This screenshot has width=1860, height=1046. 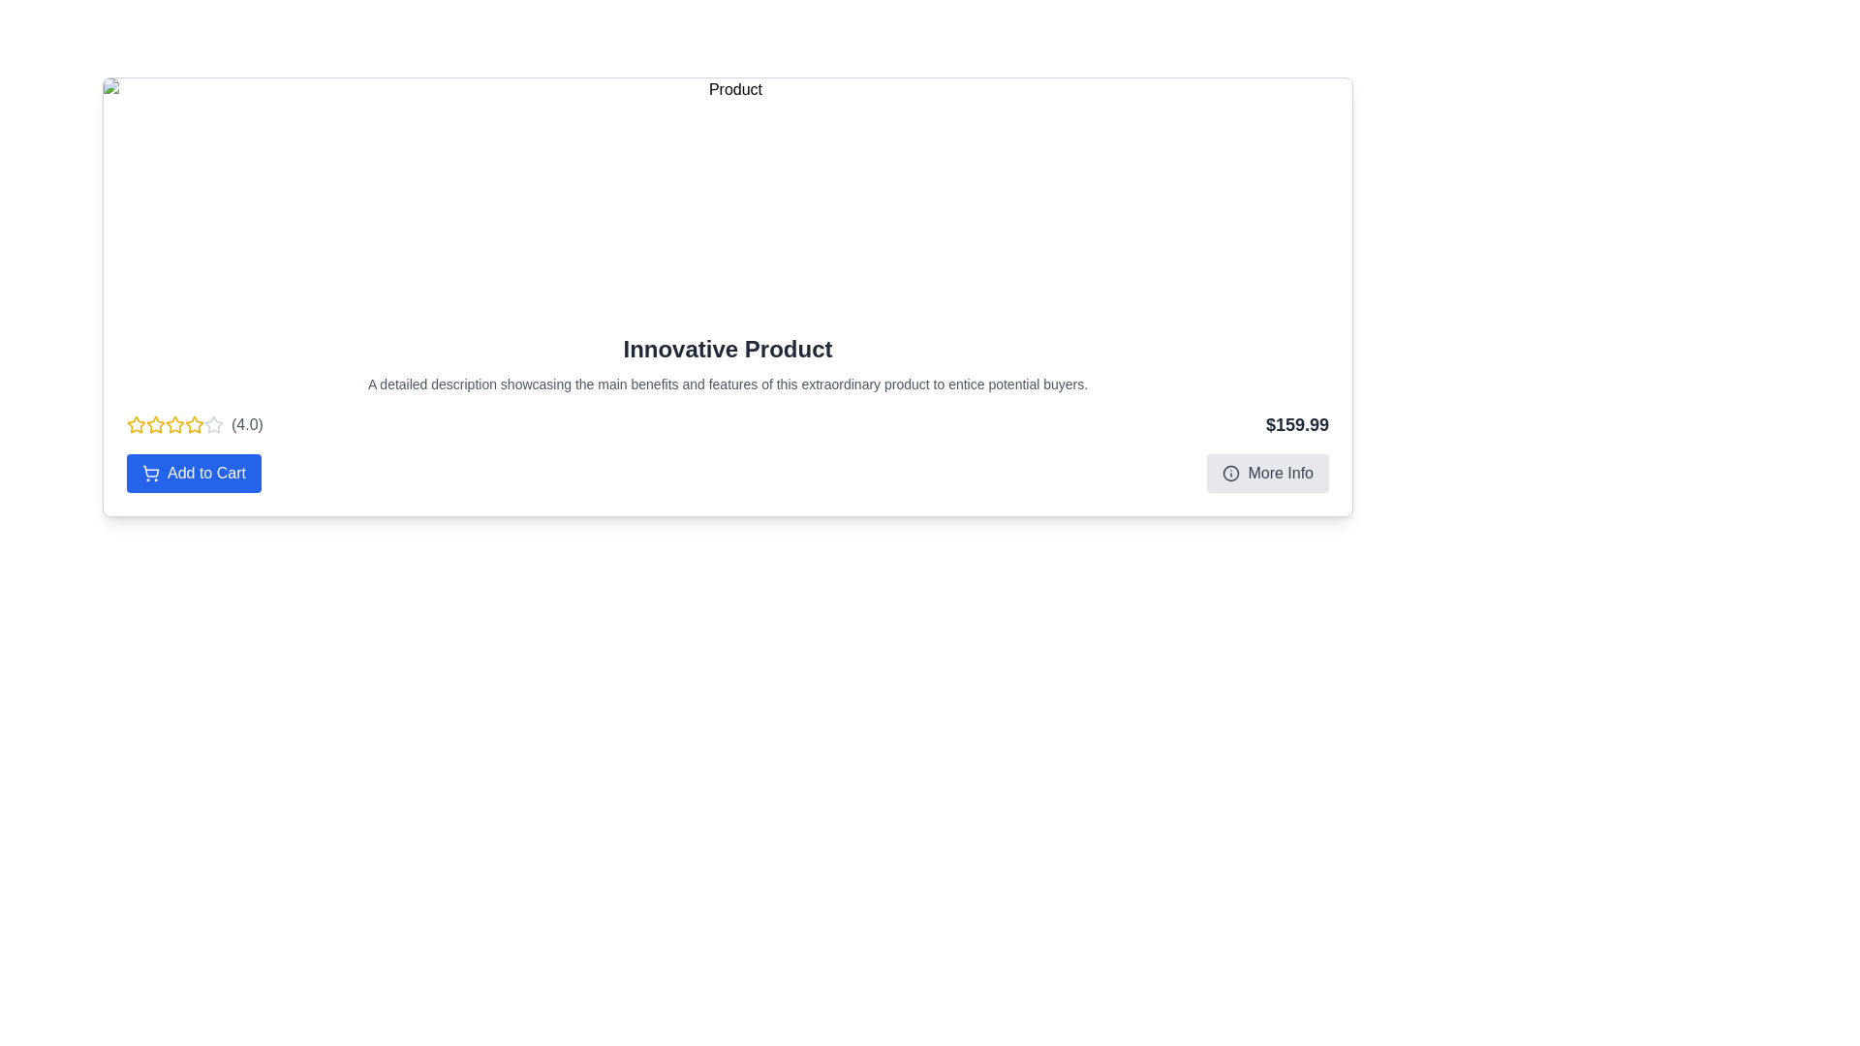 I want to click on the button located at the bottom-right corner of the card-like layout, so click(x=1268, y=474).